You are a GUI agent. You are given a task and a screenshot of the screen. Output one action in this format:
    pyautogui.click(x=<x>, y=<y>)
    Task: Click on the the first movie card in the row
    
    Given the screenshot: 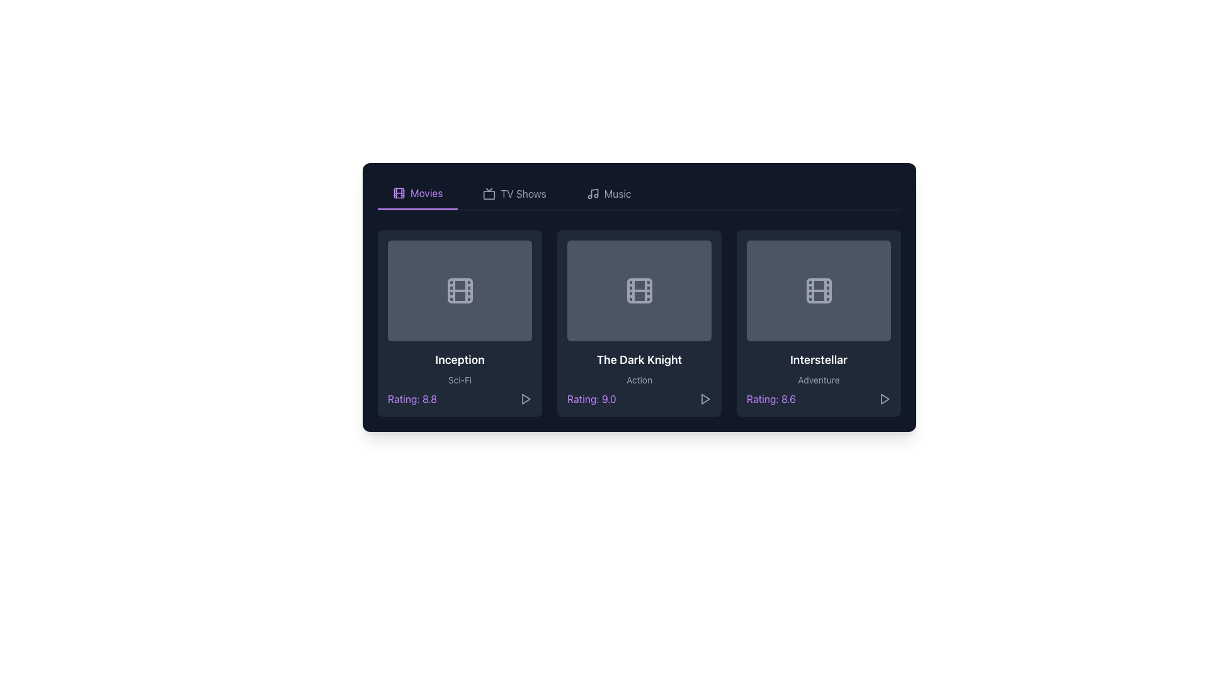 What is the action you would take?
    pyautogui.click(x=459, y=322)
    